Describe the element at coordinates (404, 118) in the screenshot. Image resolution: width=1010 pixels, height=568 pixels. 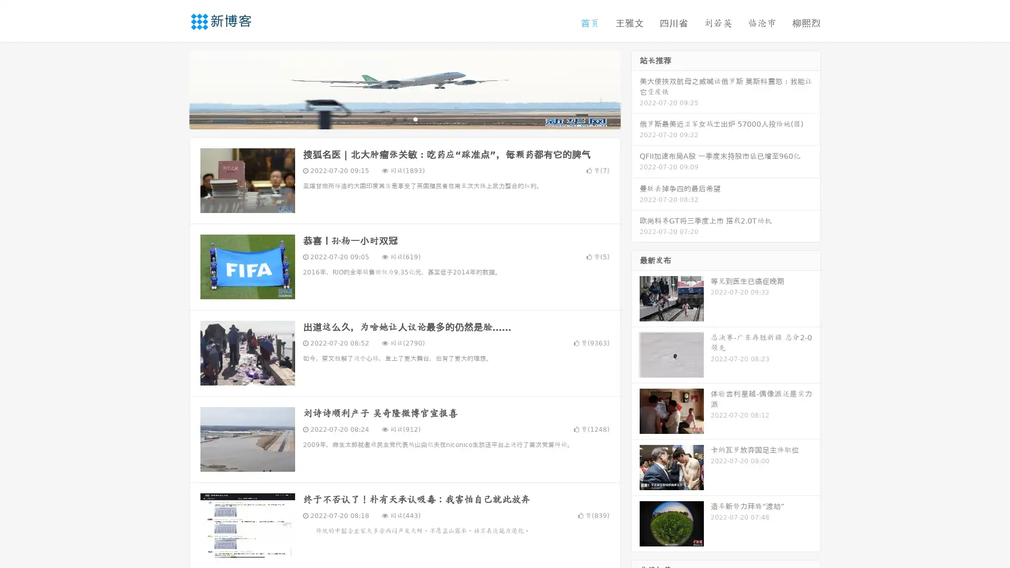
I see `Go to slide 2` at that location.